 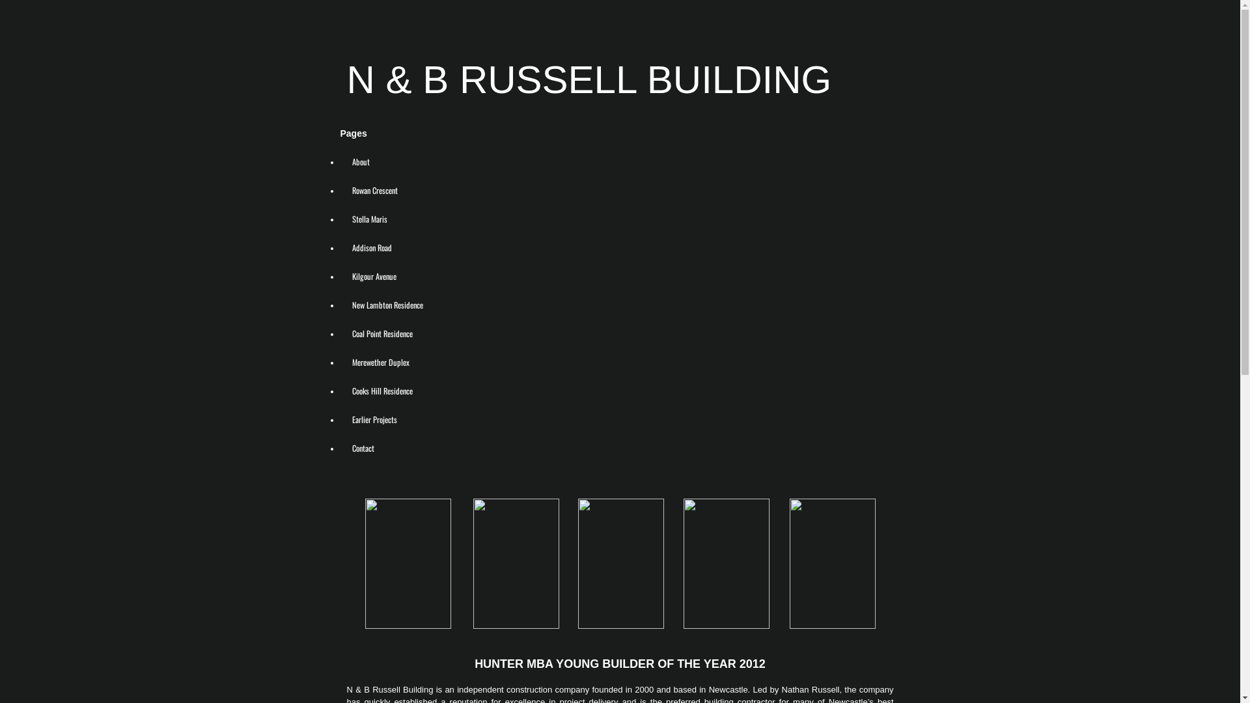 What do you see at coordinates (363, 447) in the screenshot?
I see `'Contact'` at bounding box center [363, 447].